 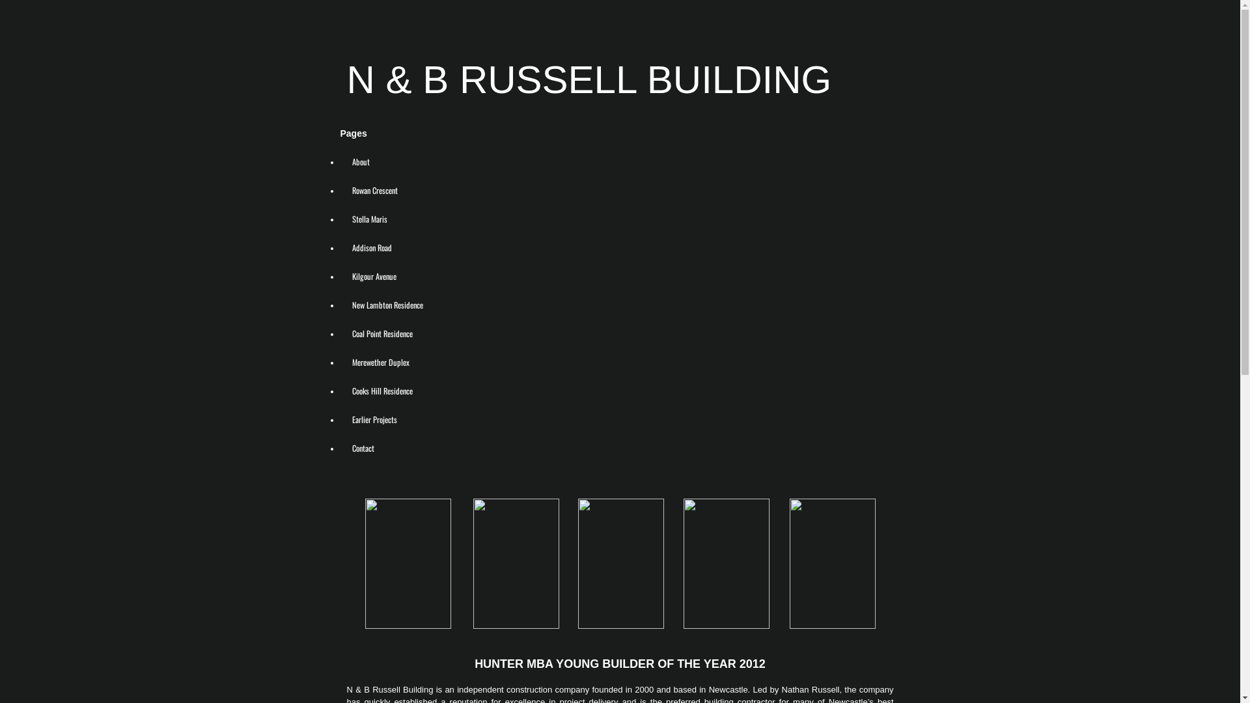 What do you see at coordinates (363, 447) in the screenshot?
I see `'Contact'` at bounding box center [363, 447].